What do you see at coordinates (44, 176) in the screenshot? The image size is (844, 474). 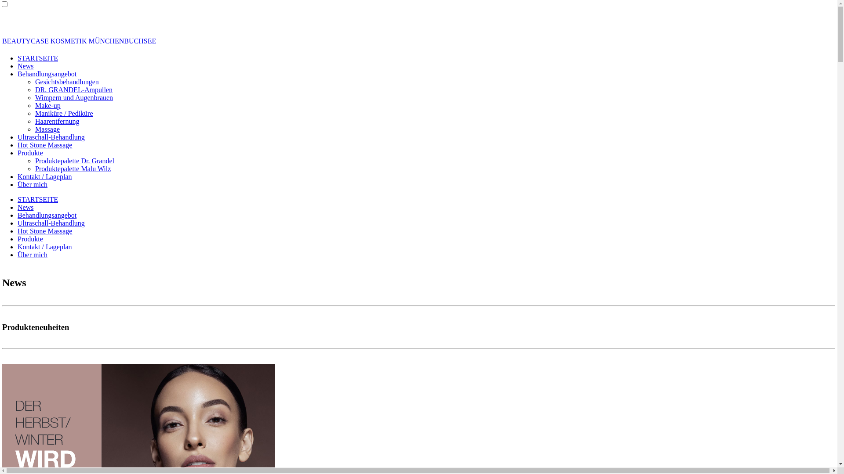 I see `'Kontakt / Lageplan'` at bounding box center [44, 176].